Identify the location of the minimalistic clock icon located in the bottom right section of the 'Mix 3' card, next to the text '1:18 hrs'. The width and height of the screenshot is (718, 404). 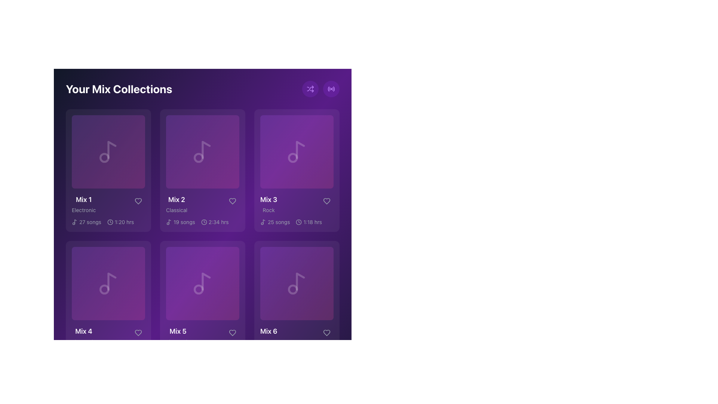
(298, 222).